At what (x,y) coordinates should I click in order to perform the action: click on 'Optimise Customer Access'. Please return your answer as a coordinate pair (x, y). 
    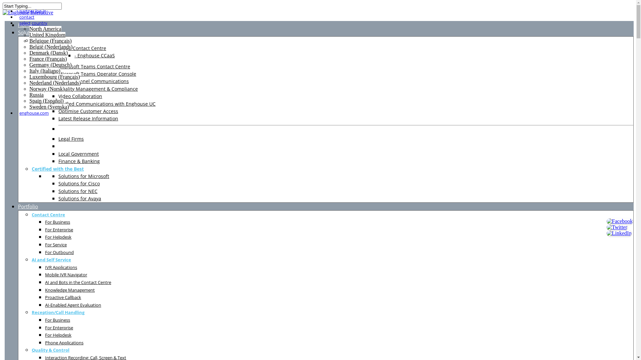
    Looking at the image, I should click on (88, 111).